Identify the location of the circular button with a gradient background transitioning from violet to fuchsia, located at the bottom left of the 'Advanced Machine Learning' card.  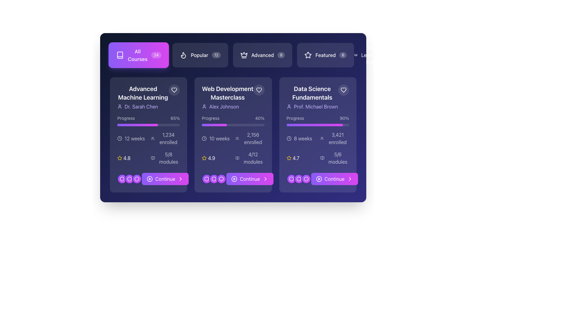
(129, 179).